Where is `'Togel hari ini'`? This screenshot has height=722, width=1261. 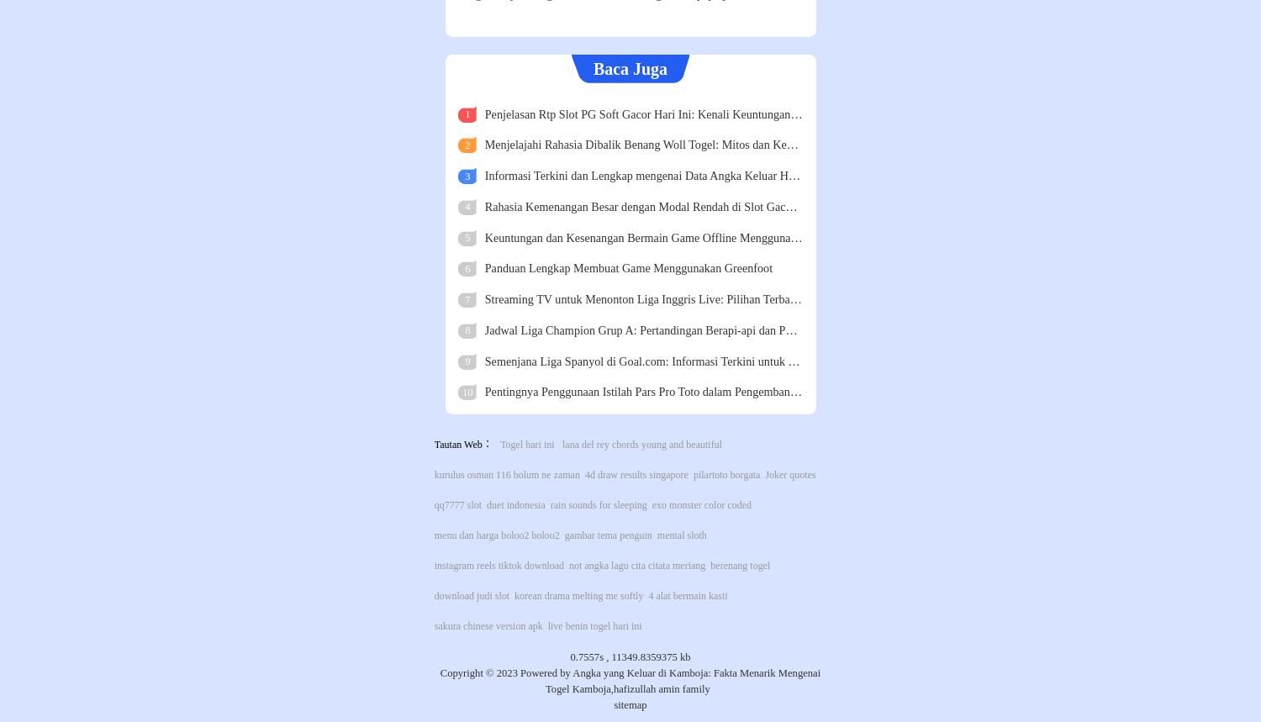
'Togel hari ini' is located at coordinates (527, 443).